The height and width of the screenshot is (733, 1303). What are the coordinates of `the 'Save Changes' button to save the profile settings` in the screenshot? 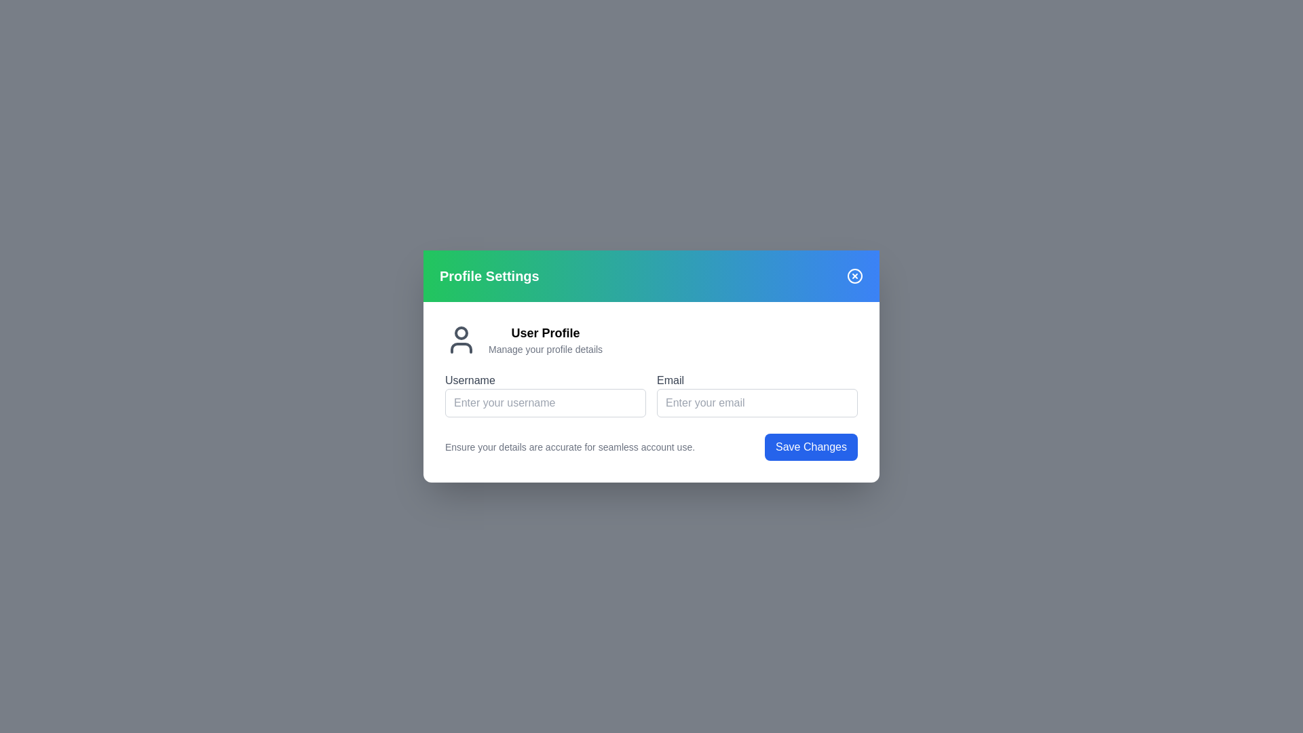 It's located at (811, 447).